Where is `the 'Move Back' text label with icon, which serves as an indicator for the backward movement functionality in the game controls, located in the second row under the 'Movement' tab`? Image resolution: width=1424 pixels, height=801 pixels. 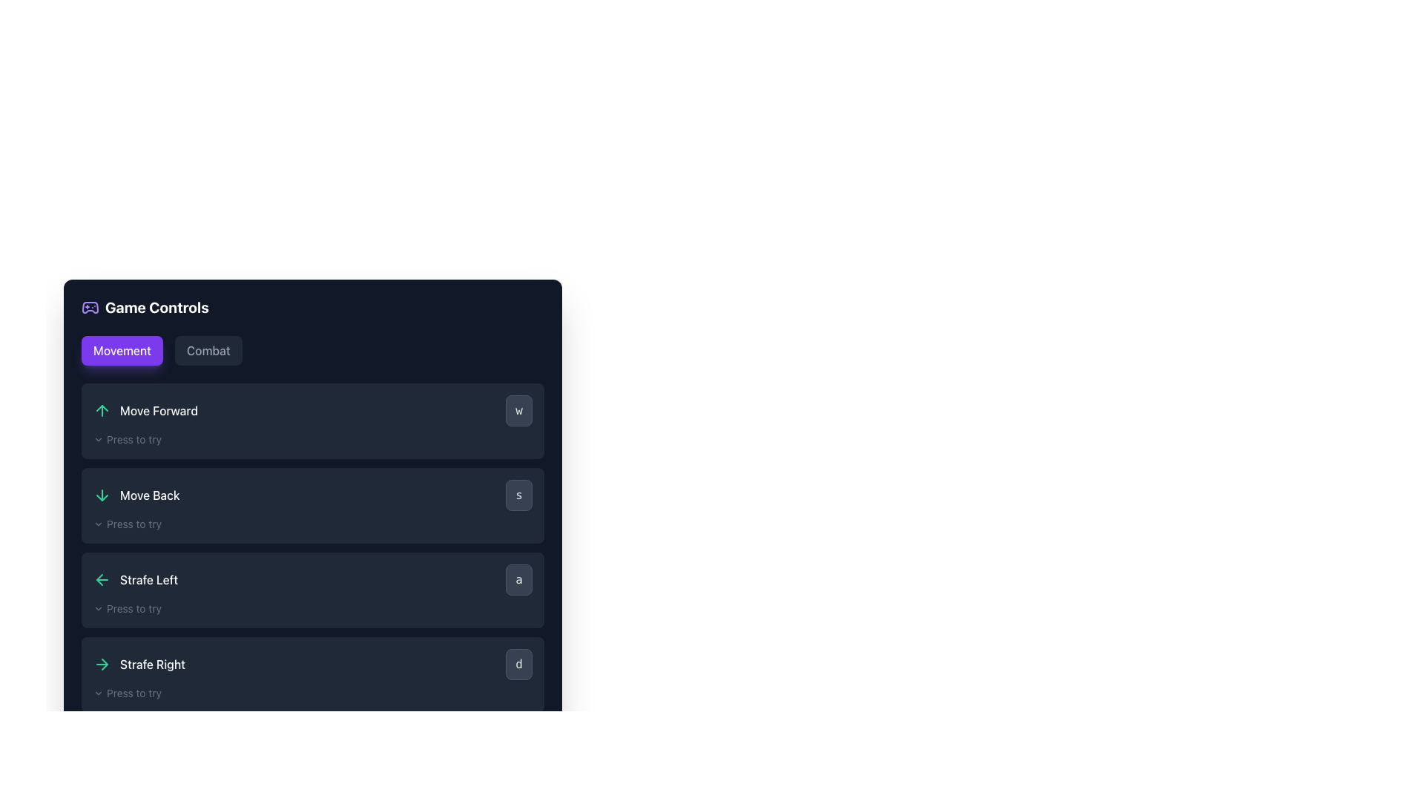
the 'Move Back' text label with icon, which serves as an indicator for the backward movement functionality in the game controls, located in the second row under the 'Movement' tab is located at coordinates (136, 495).